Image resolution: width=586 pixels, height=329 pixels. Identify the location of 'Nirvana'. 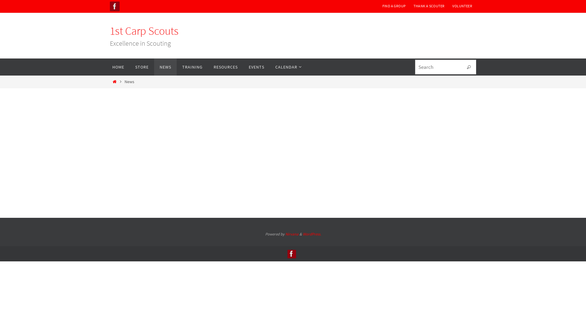
(291, 234).